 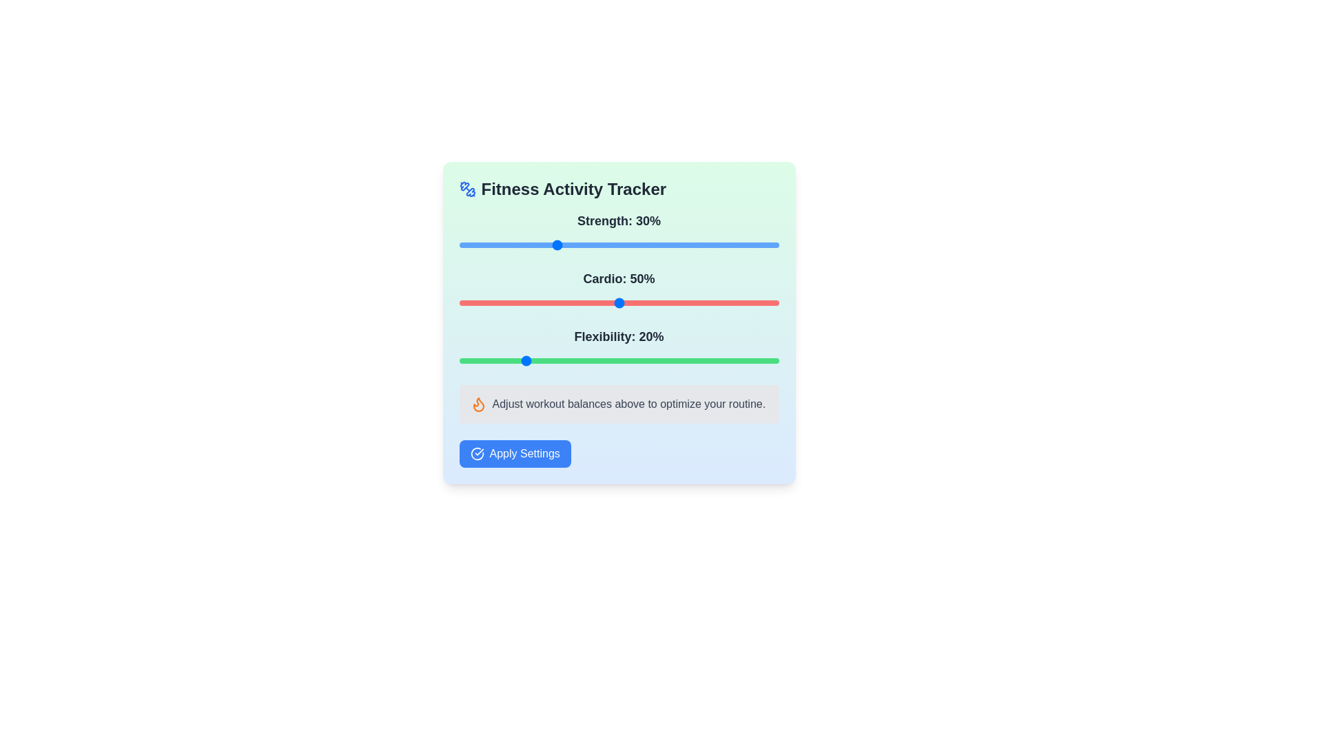 I want to click on the flexibility level, so click(x=472, y=360).